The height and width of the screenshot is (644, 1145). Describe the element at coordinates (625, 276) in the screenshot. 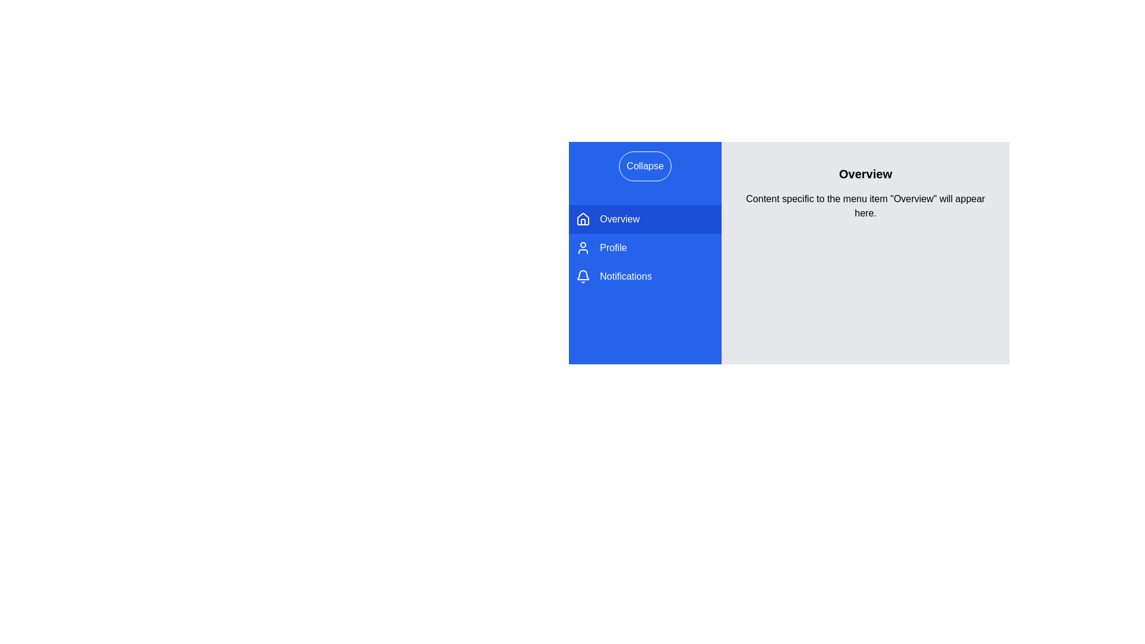

I see `the static text label reading 'Notifications' in the sidebar menu, which is aligned with the bell icon on its left` at that location.